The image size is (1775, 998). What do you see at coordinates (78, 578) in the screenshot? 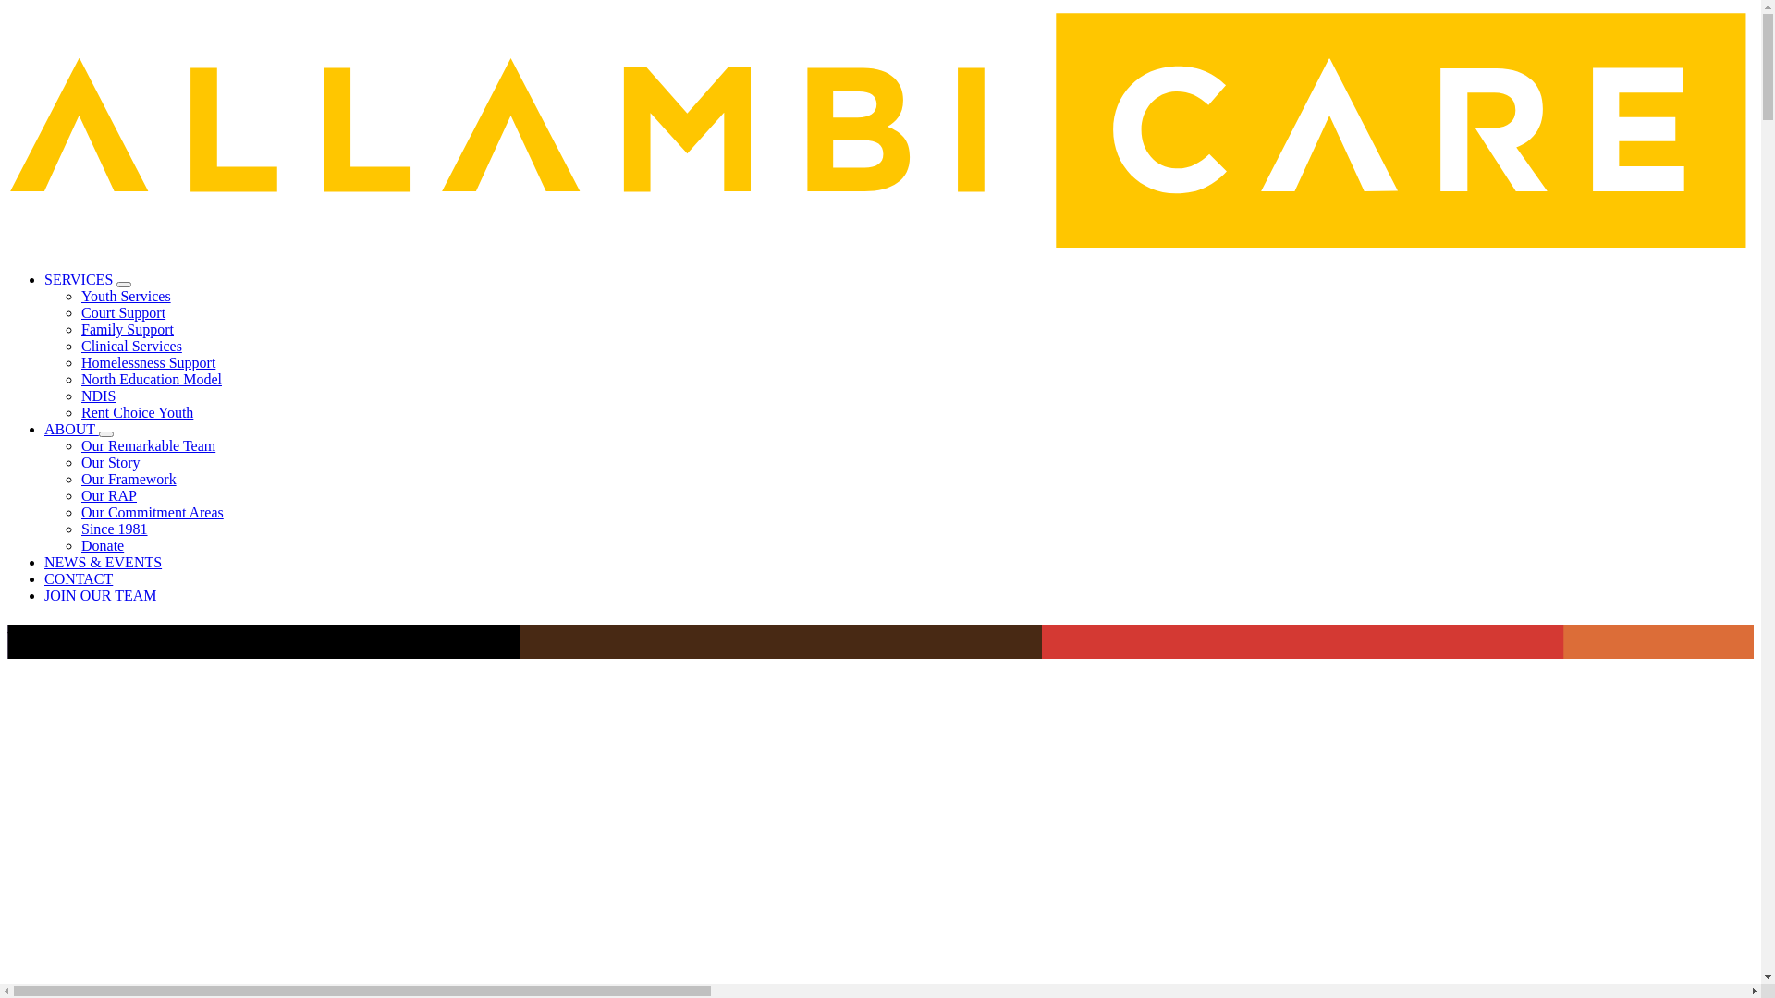
I see `'CONTACT'` at bounding box center [78, 578].